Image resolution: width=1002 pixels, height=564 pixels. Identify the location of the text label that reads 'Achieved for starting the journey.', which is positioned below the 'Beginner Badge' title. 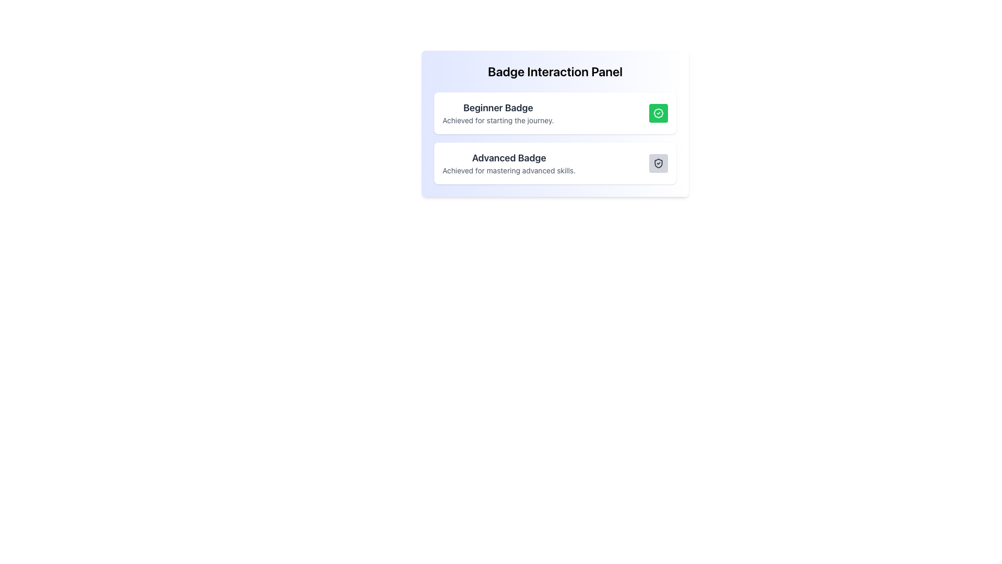
(497, 120).